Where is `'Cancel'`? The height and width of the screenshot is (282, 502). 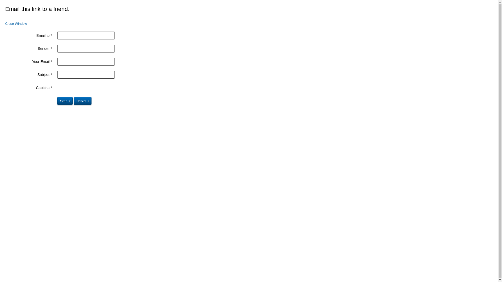
'Cancel' is located at coordinates (82, 101).